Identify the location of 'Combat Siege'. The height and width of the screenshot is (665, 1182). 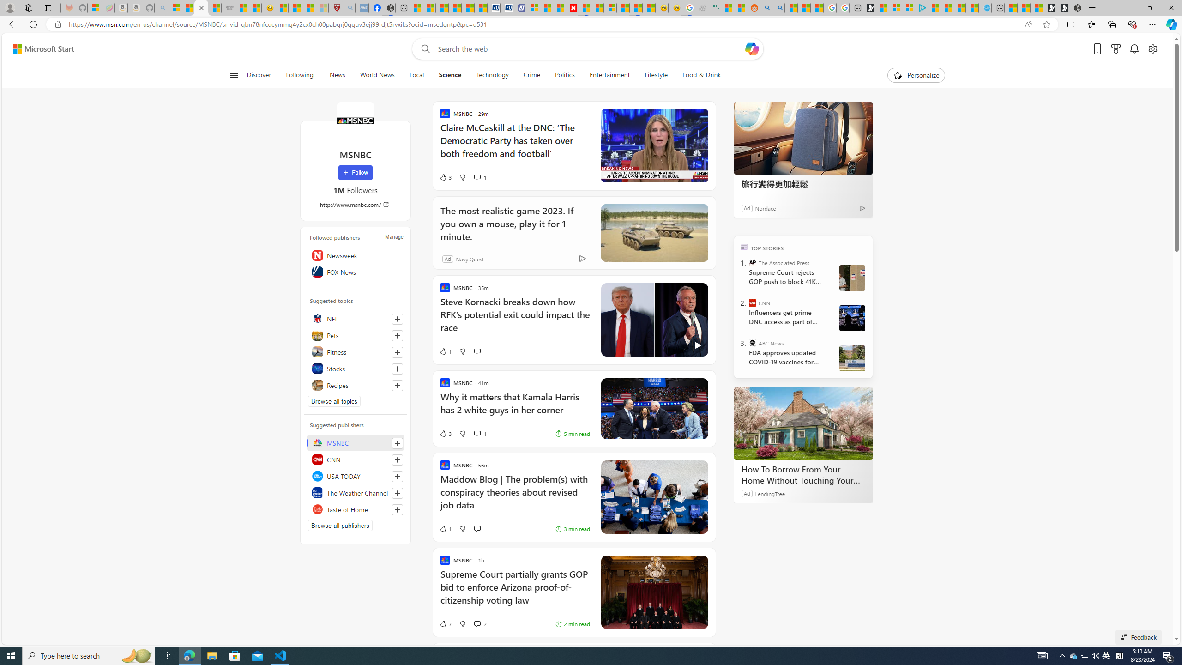
(228, 7).